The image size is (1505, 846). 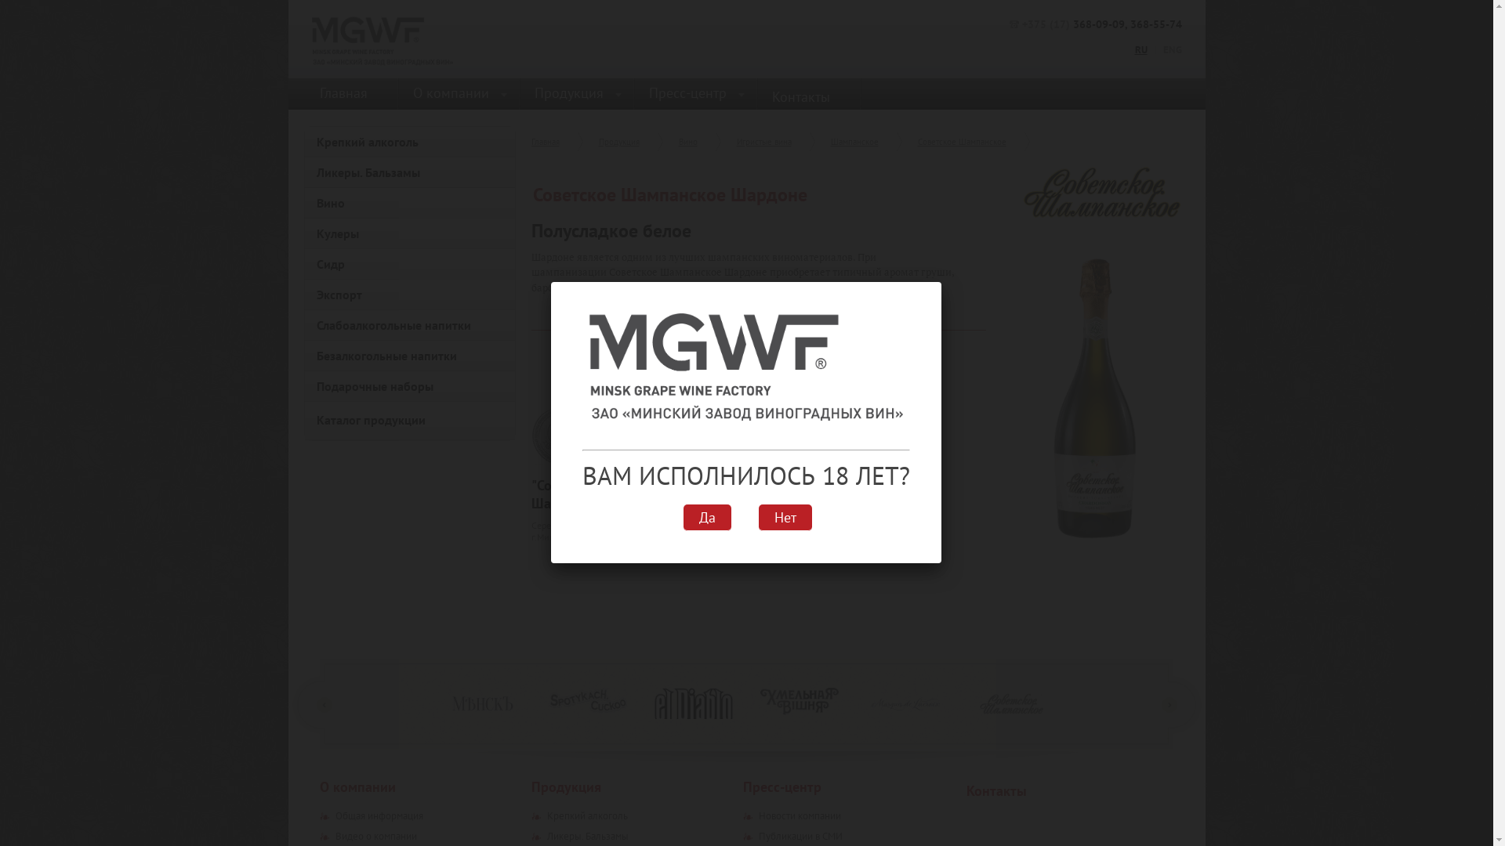 What do you see at coordinates (1155, 23) in the screenshot?
I see `'368-55-74'` at bounding box center [1155, 23].